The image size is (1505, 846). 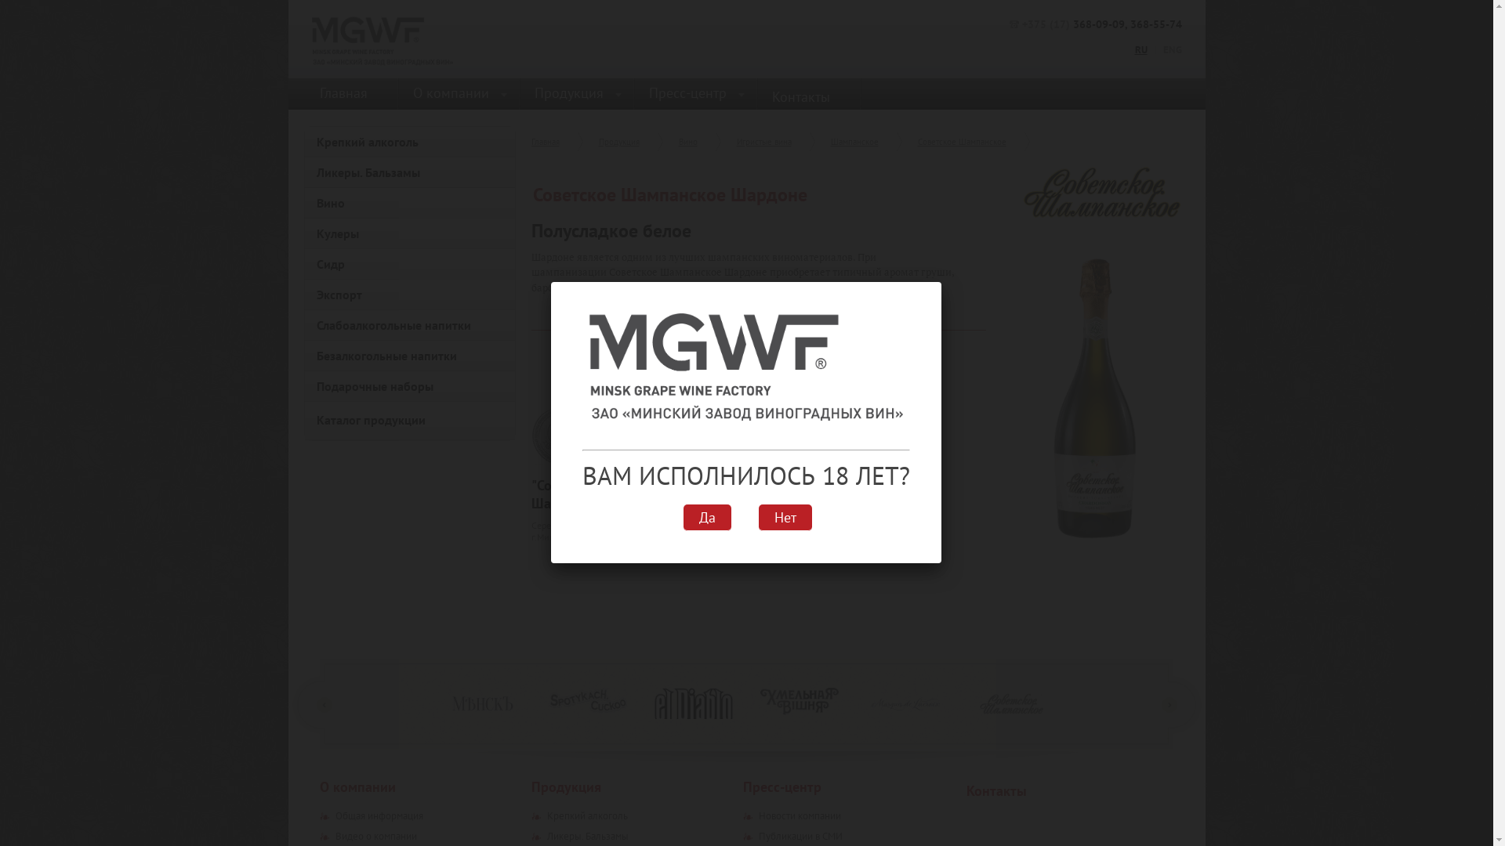 What do you see at coordinates (1155, 23) in the screenshot?
I see `'368-55-74'` at bounding box center [1155, 23].